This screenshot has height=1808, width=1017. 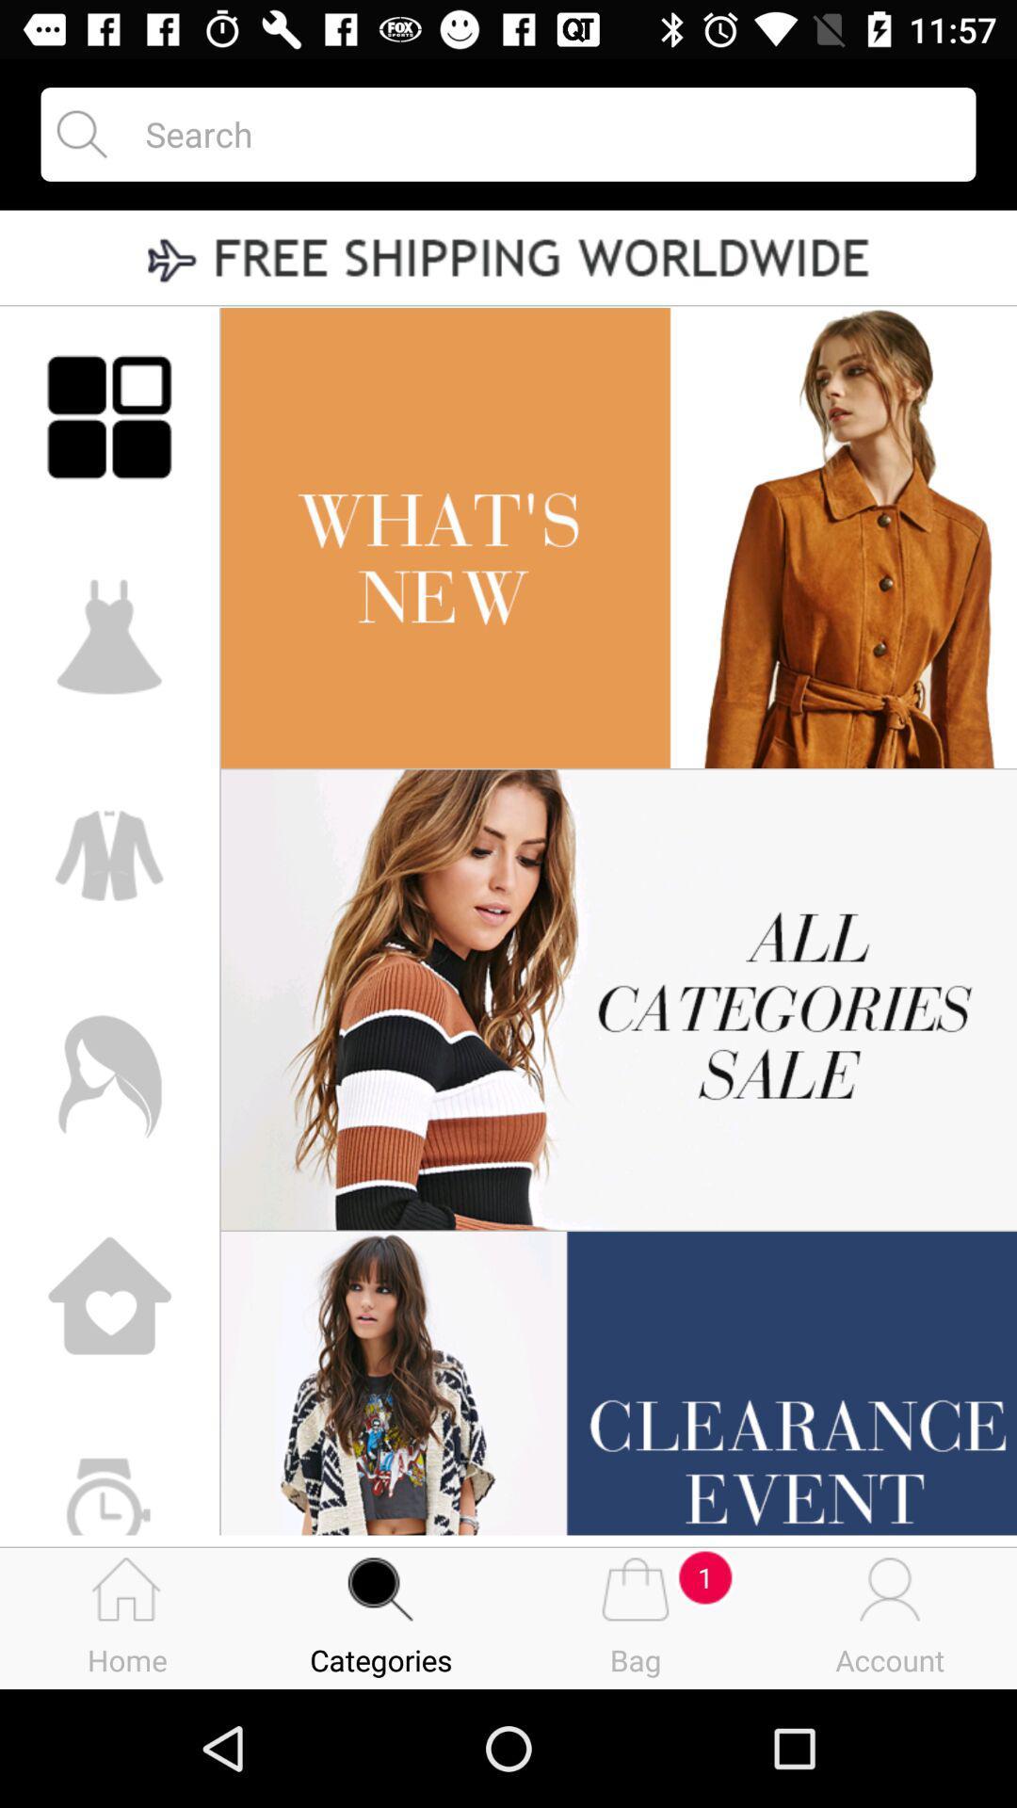 I want to click on advertisement link, so click(x=508, y=259).